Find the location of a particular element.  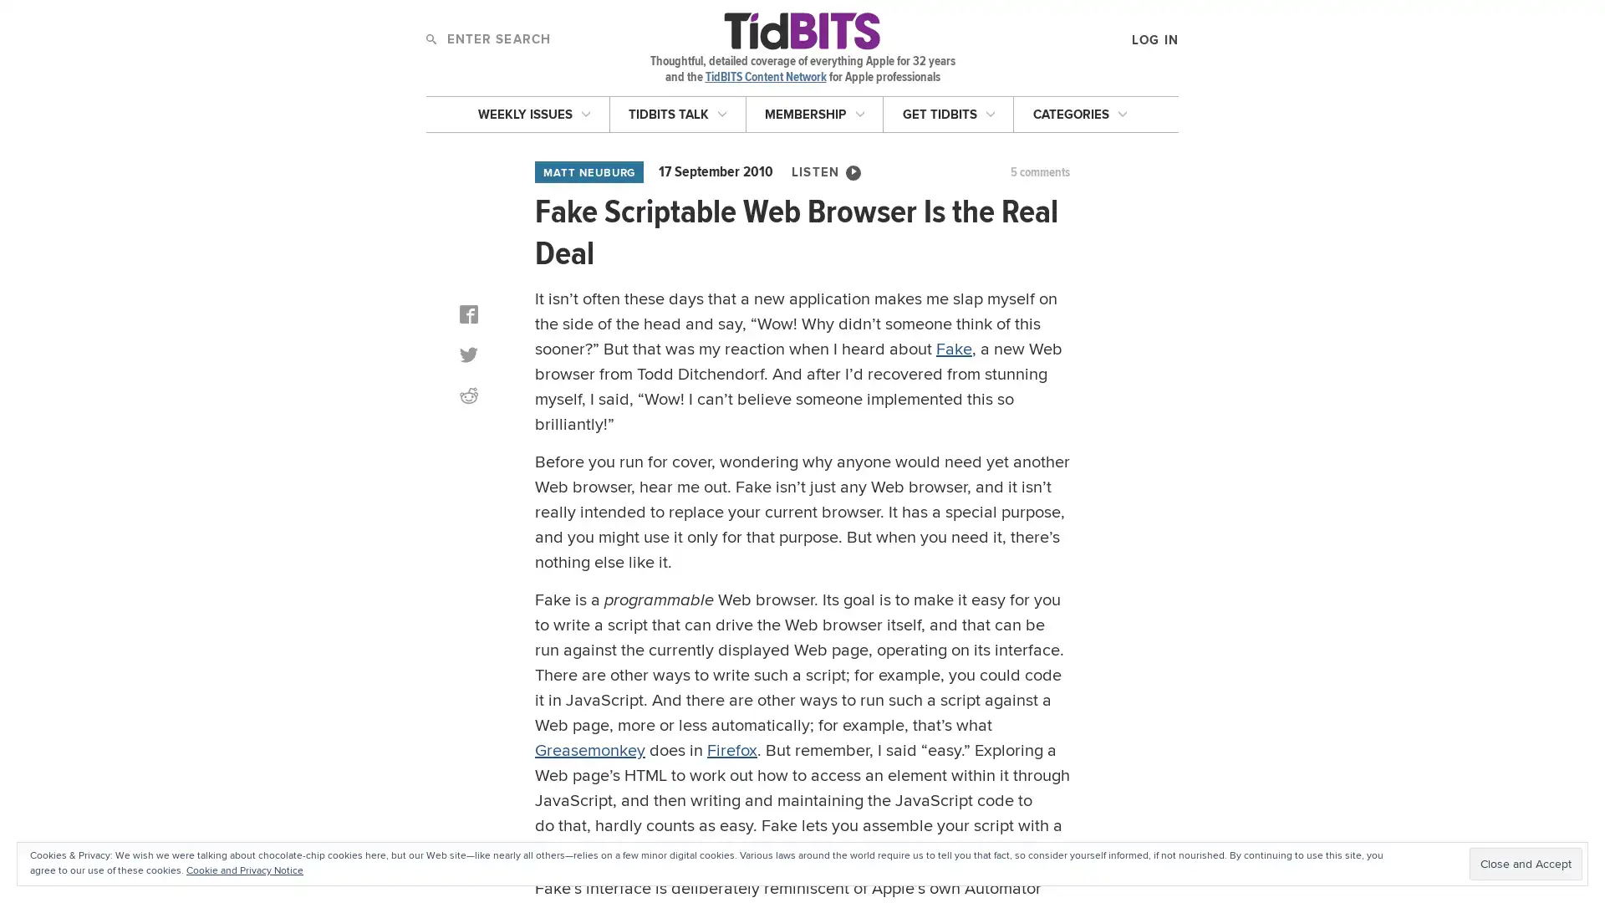

Search is located at coordinates (431, 38).